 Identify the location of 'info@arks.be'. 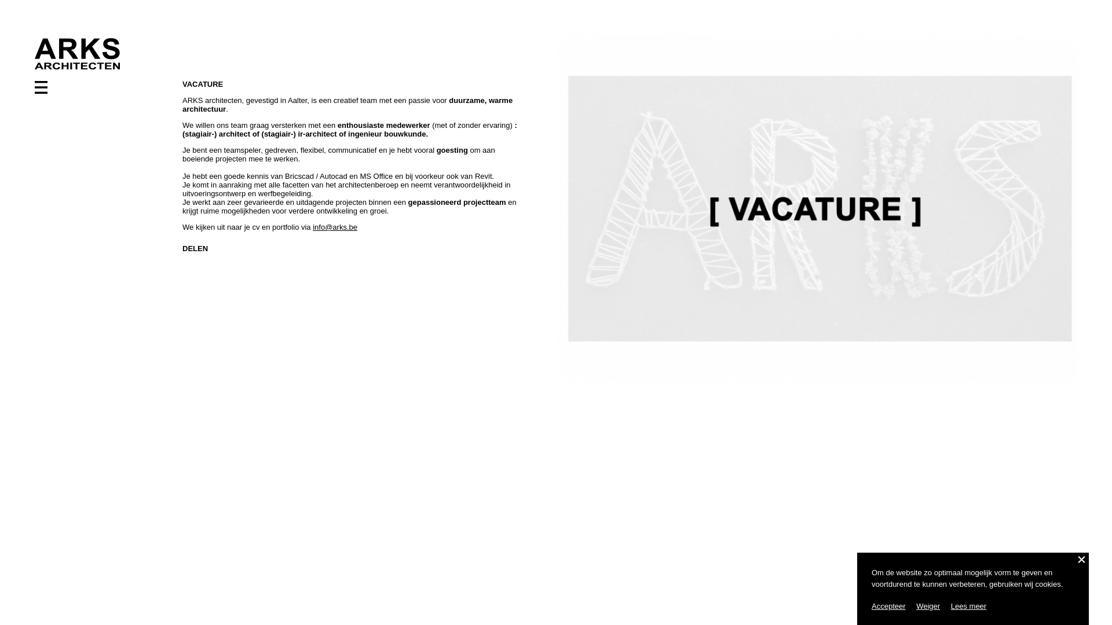
(334, 227).